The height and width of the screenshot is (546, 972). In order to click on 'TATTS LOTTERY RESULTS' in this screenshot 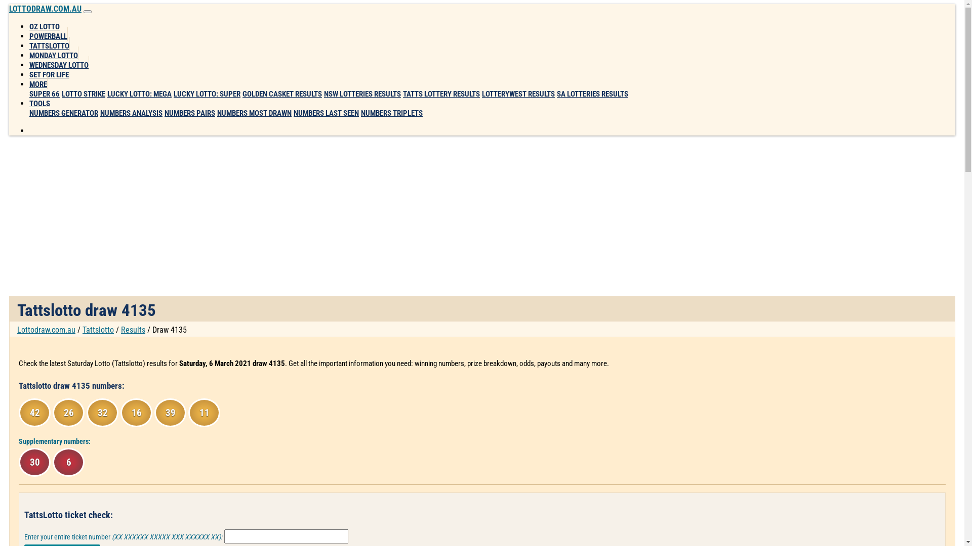, I will do `click(402, 94)`.